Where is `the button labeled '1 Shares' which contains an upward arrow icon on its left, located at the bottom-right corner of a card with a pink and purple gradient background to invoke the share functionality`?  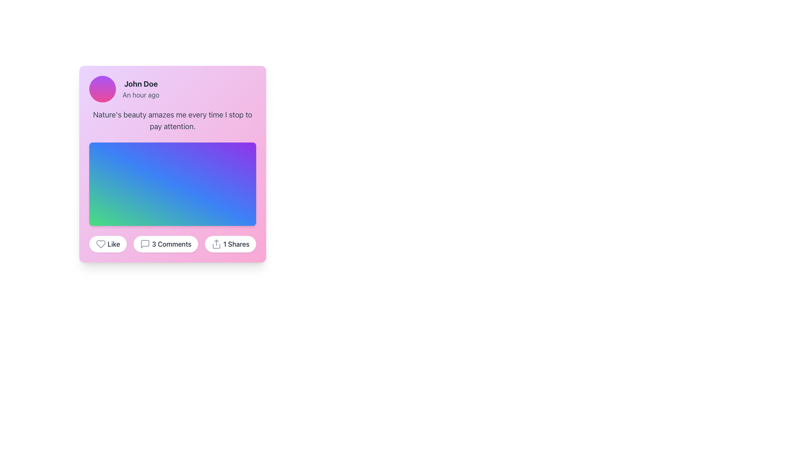
the button labeled '1 Shares' which contains an upward arrow icon on its left, located at the bottom-right corner of a card with a pink and purple gradient background to invoke the share functionality is located at coordinates (217, 244).